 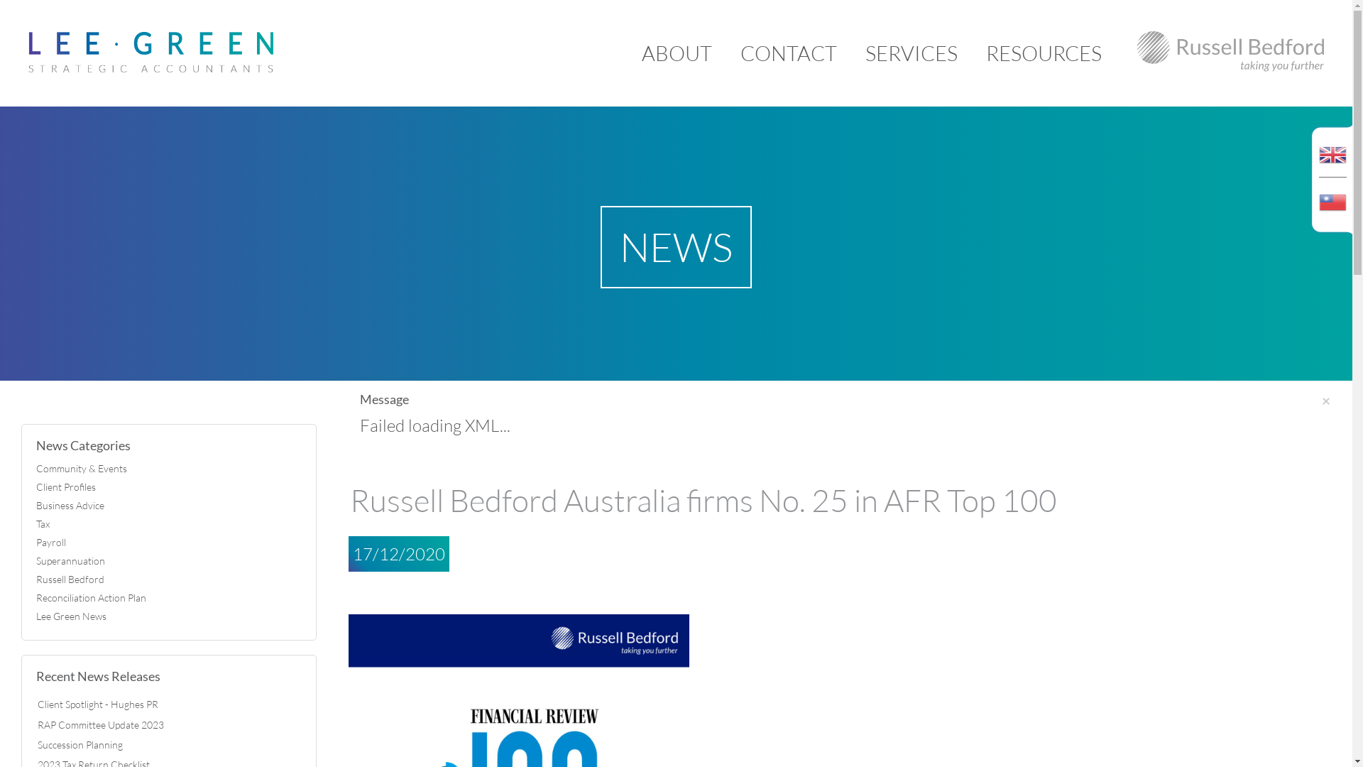 What do you see at coordinates (37, 704) in the screenshot?
I see `'Client Spotlight - Hughes PR'` at bounding box center [37, 704].